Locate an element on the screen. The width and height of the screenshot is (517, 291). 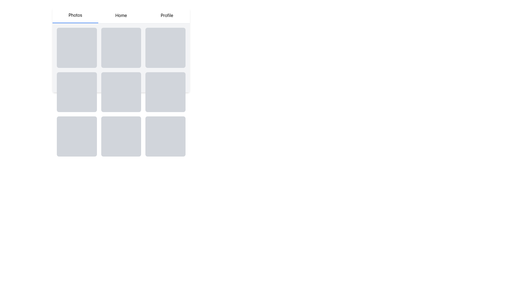
the second gray box in the first row of a 3x3 grid layout, which is a non-interactive placeholder with rounded corners is located at coordinates (121, 47).